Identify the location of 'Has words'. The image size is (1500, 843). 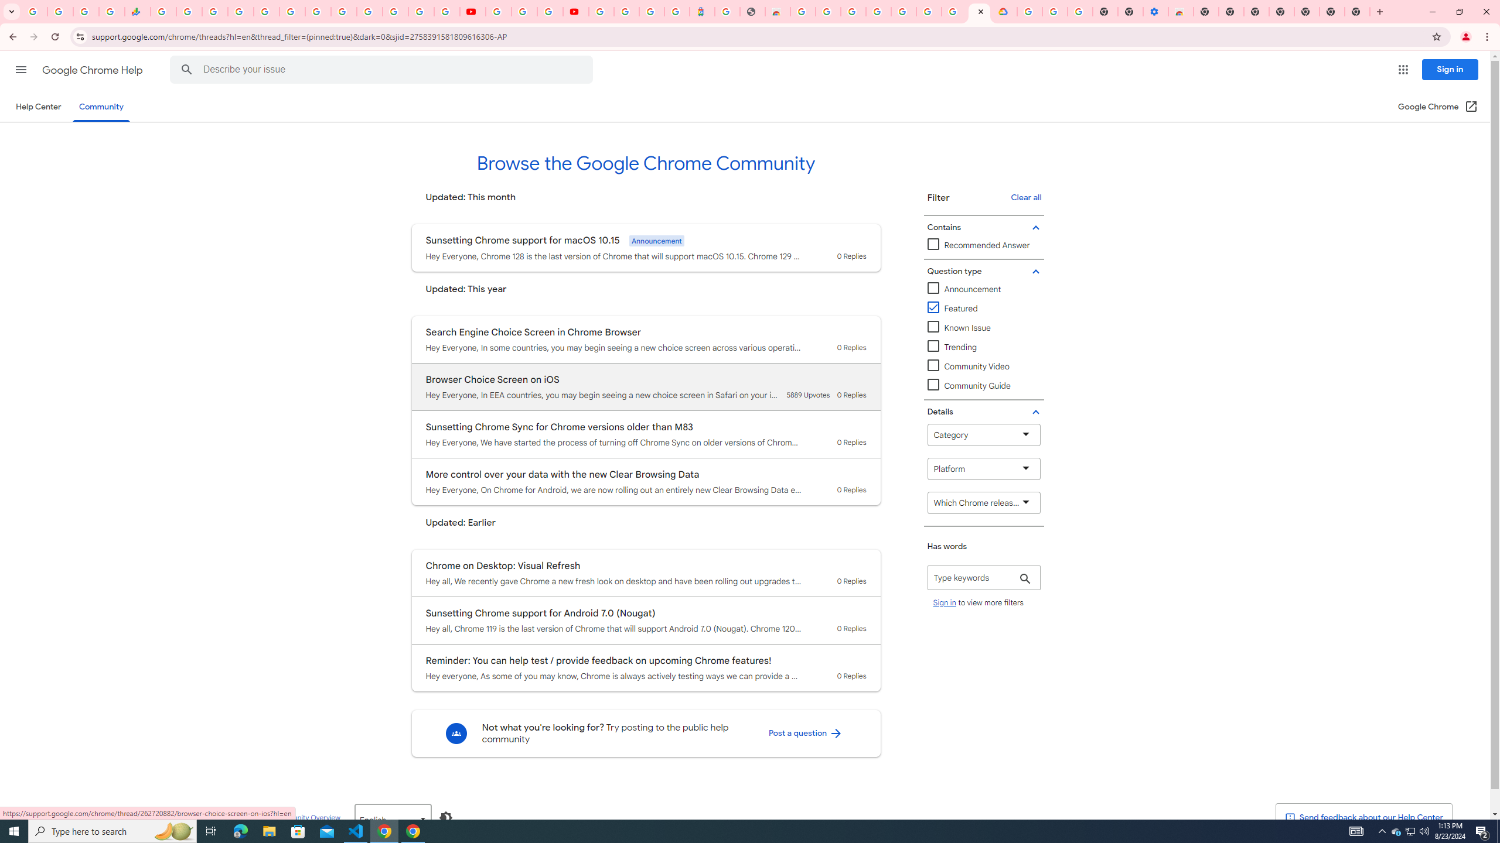
(984, 578).